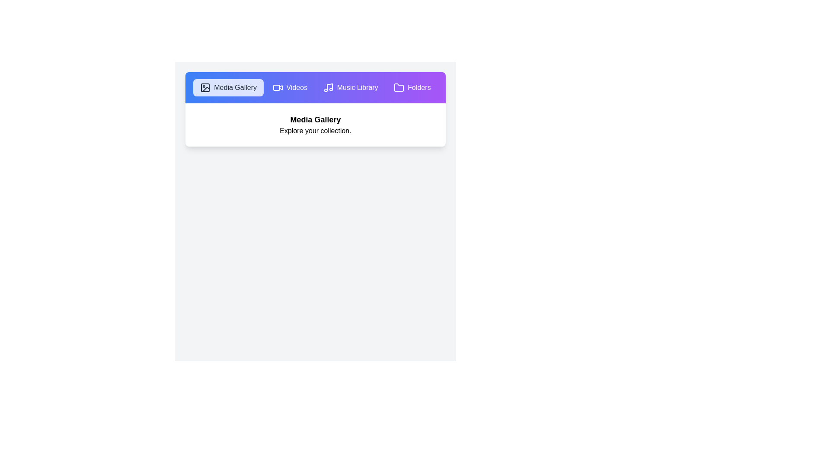 This screenshot has width=830, height=467. I want to click on the 'Folders' text label, which is displayed in white font and is positioned to the right of a folder icon within a purple button-like structure in the navigation bar, so click(419, 88).